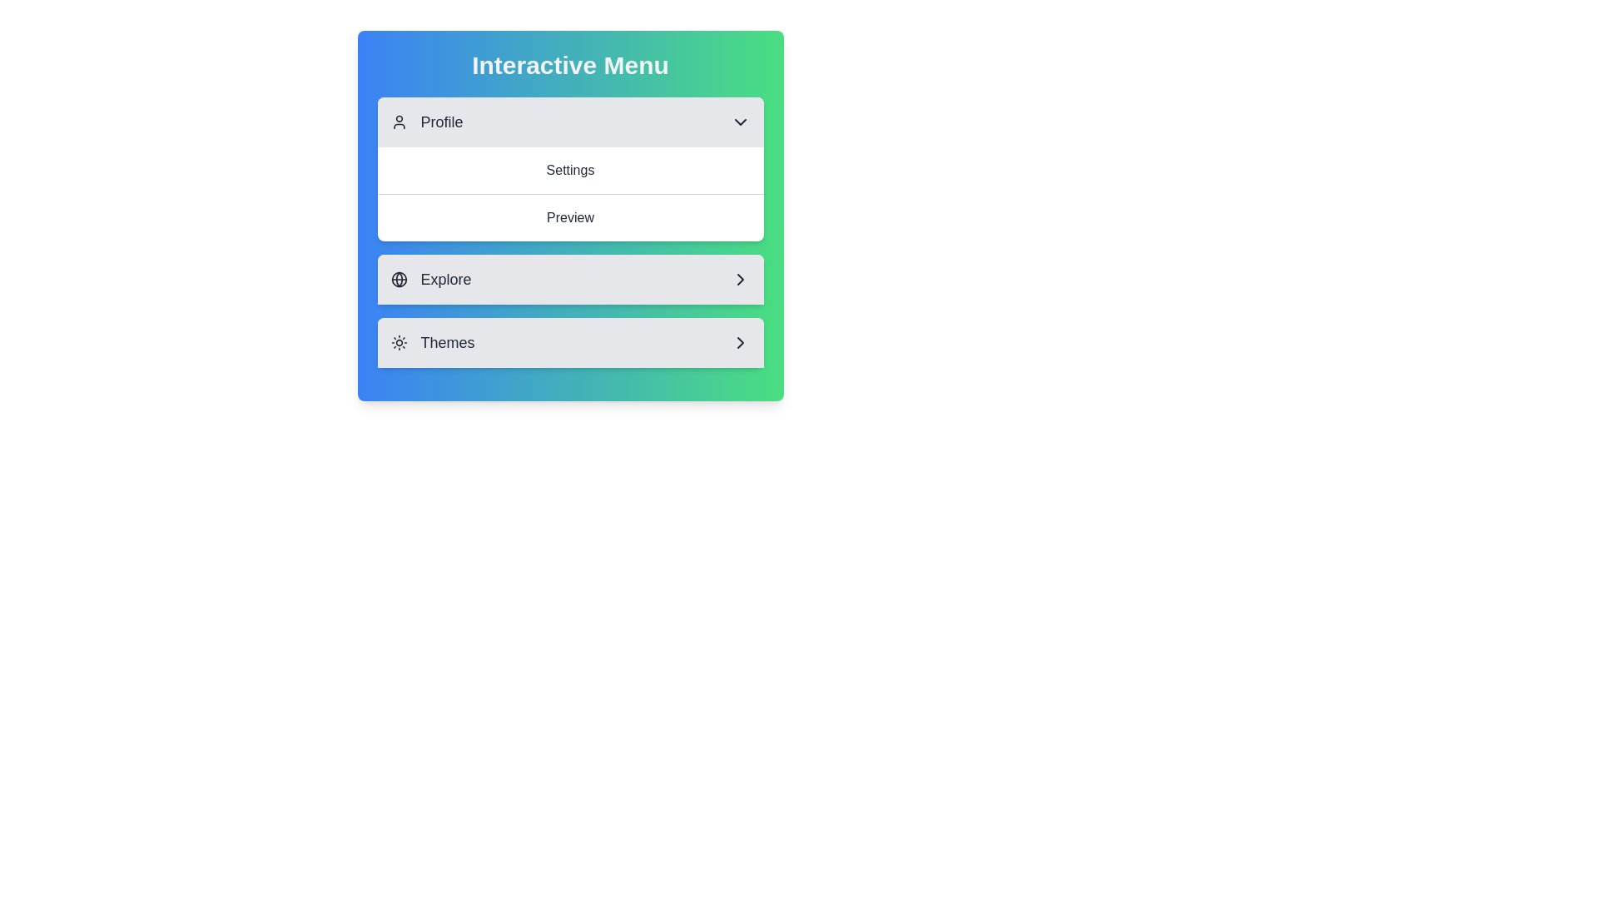 Image resolution: width=1598 pixels, height=899 pixels. I want to click on the text of the selected section: Preview, so click(570, 216).